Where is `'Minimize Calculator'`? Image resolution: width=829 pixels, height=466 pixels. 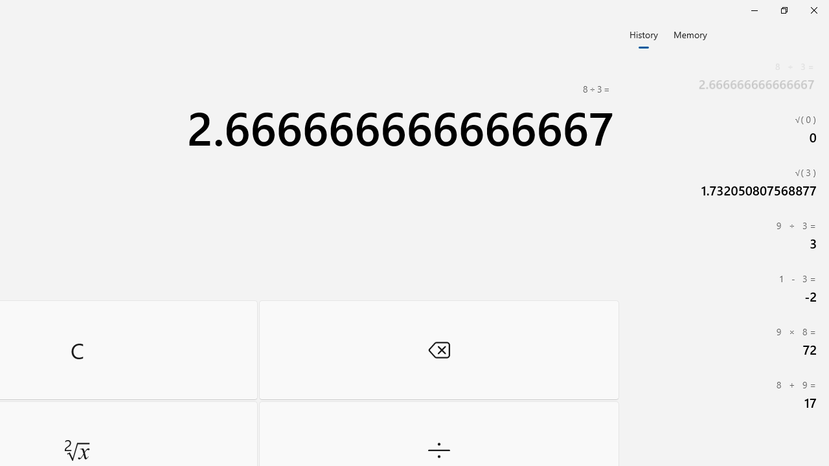 'Minimize Calculator' is located at coordinates (754, 10).